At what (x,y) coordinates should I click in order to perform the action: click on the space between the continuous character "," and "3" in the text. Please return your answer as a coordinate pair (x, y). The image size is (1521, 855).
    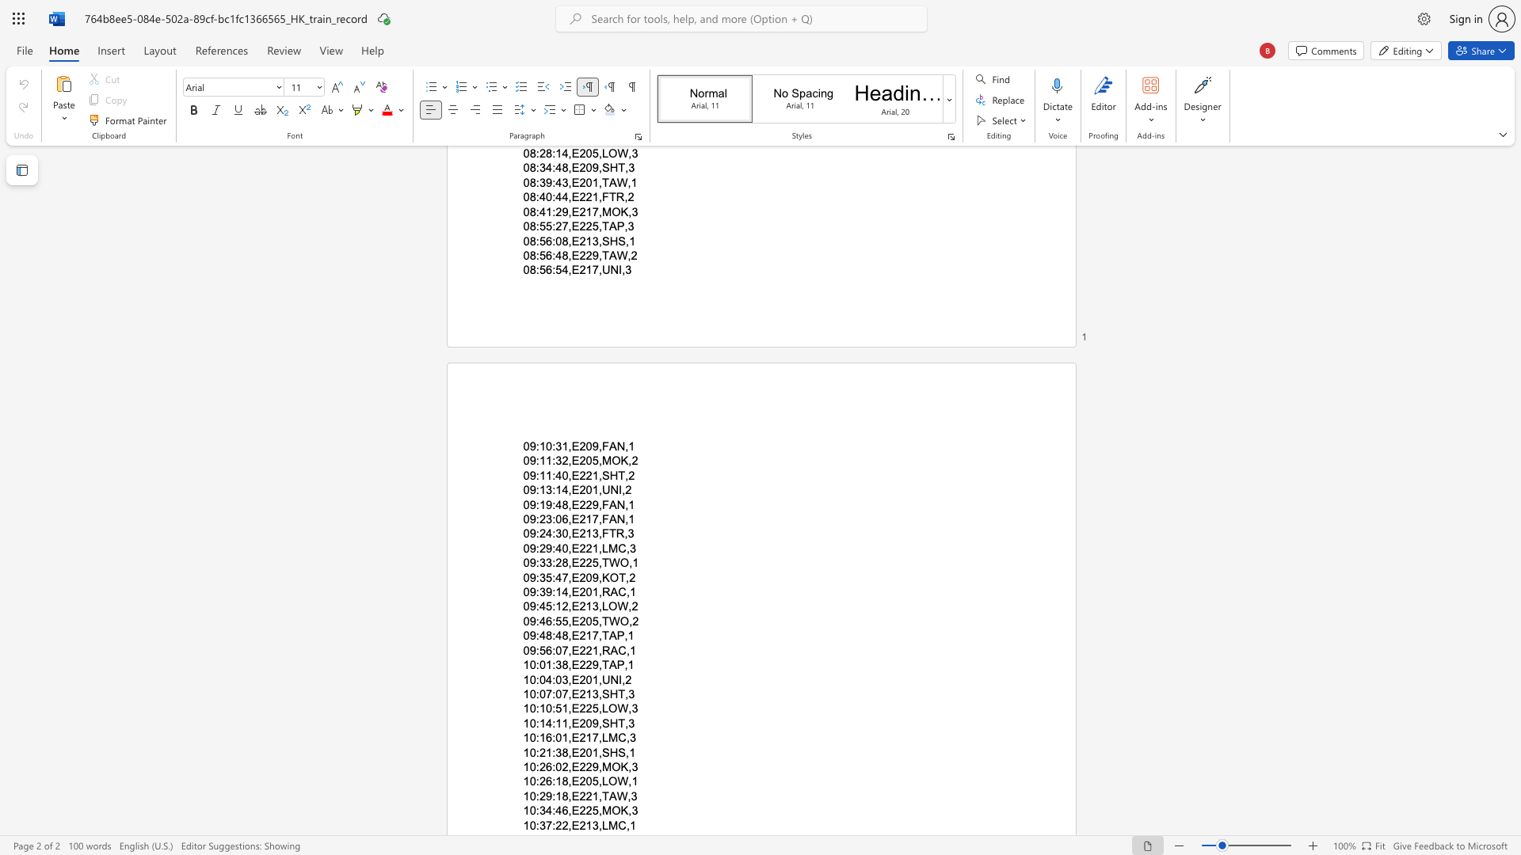
    Looking at the image, I should click on (631, 796).